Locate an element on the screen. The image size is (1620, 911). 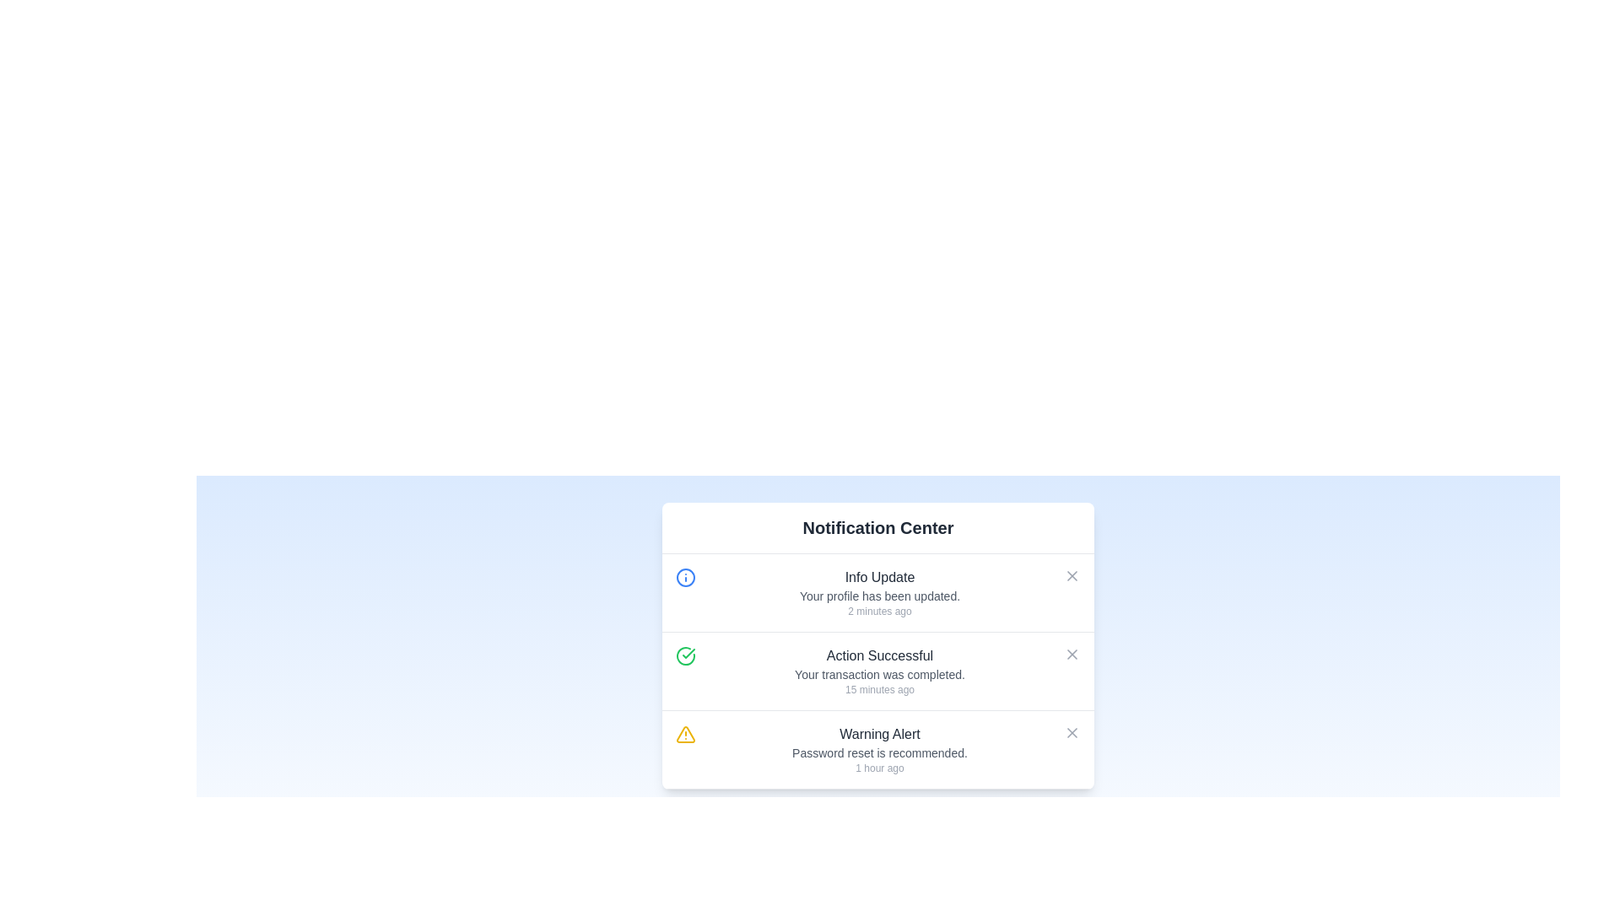
the dismiss icon of the 'Warning Alert - Password reset is recommended' notification is located at coordinates (1072, 731).